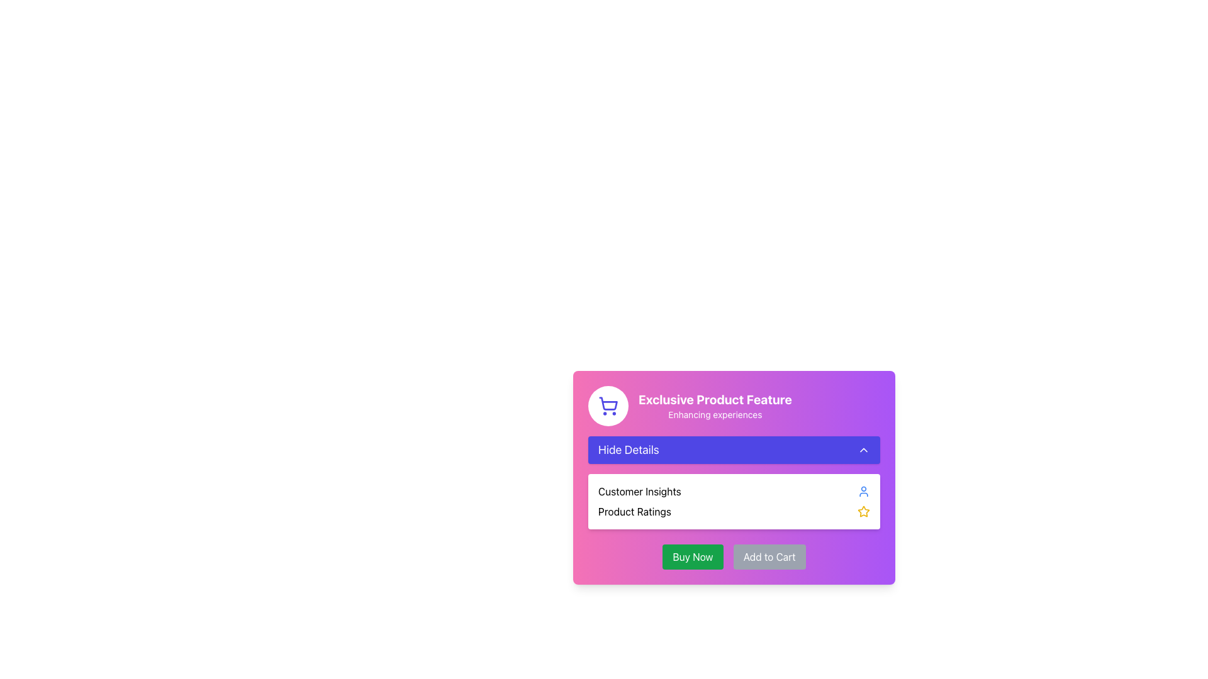 The image size is (1208, 679). Describe the element at coordinates (639, 491) in the screenshot. I see `the text label that displays 'Customer Insights', which is styled in a standard sans-serif font and located on the right-hand side of the interface's content section` at that location.